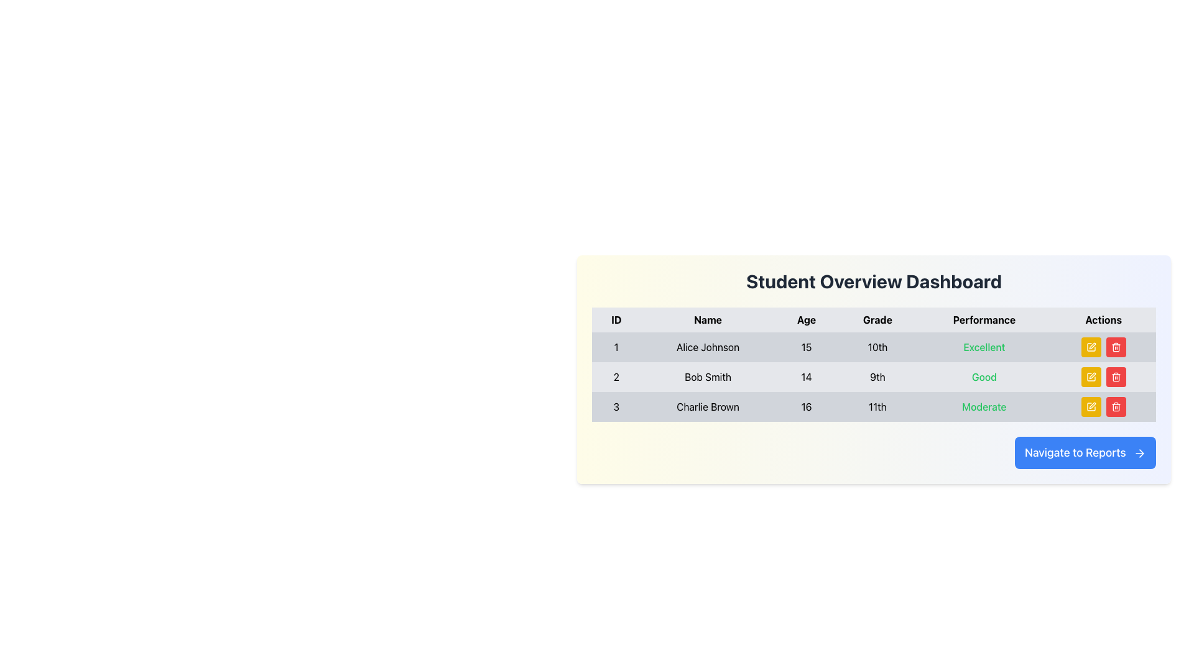  I want to click on the prominent header text displaying 'Student Overview Dashboard', which is styled in a large, bold font and positioned above the student data table, so click(873, 281).